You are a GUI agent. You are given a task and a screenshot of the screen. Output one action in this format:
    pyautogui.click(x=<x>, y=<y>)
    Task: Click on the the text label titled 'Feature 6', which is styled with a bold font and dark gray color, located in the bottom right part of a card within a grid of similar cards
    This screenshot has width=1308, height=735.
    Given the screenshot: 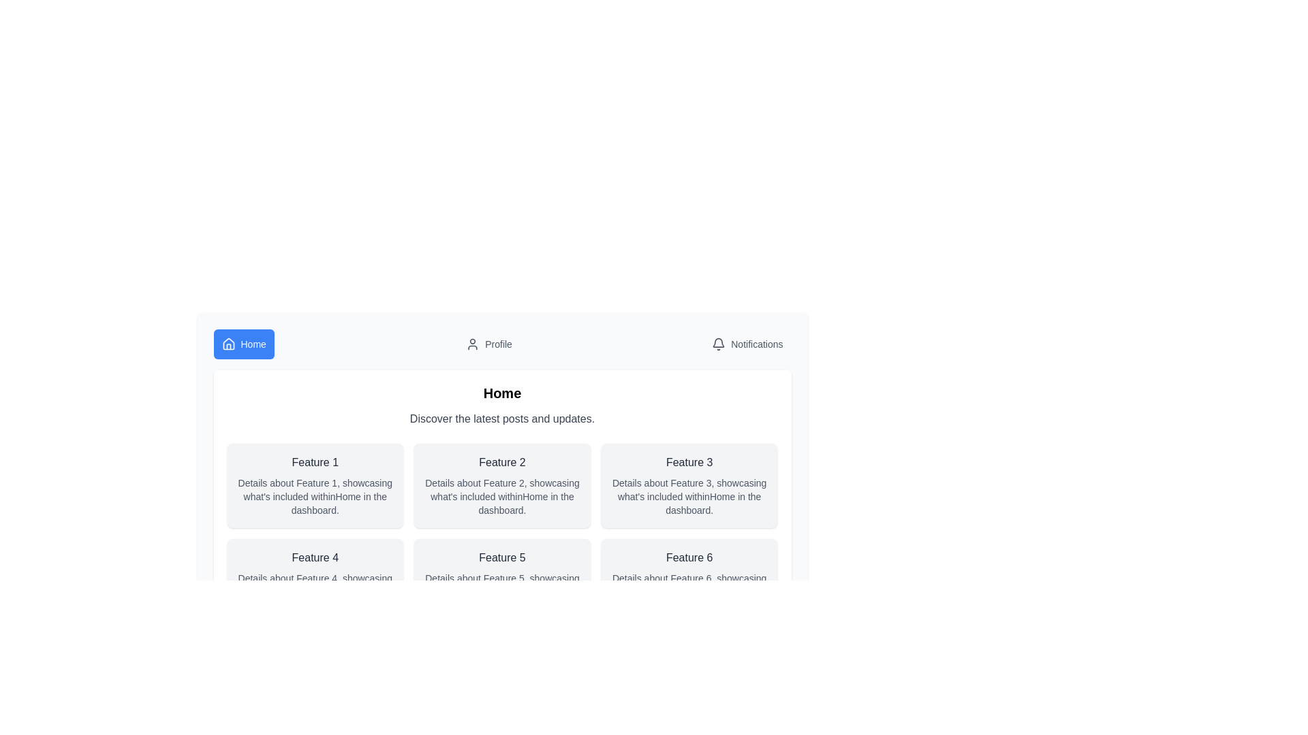 What is the action you would take?
    pyautogui.click(x=689, y=558)
    